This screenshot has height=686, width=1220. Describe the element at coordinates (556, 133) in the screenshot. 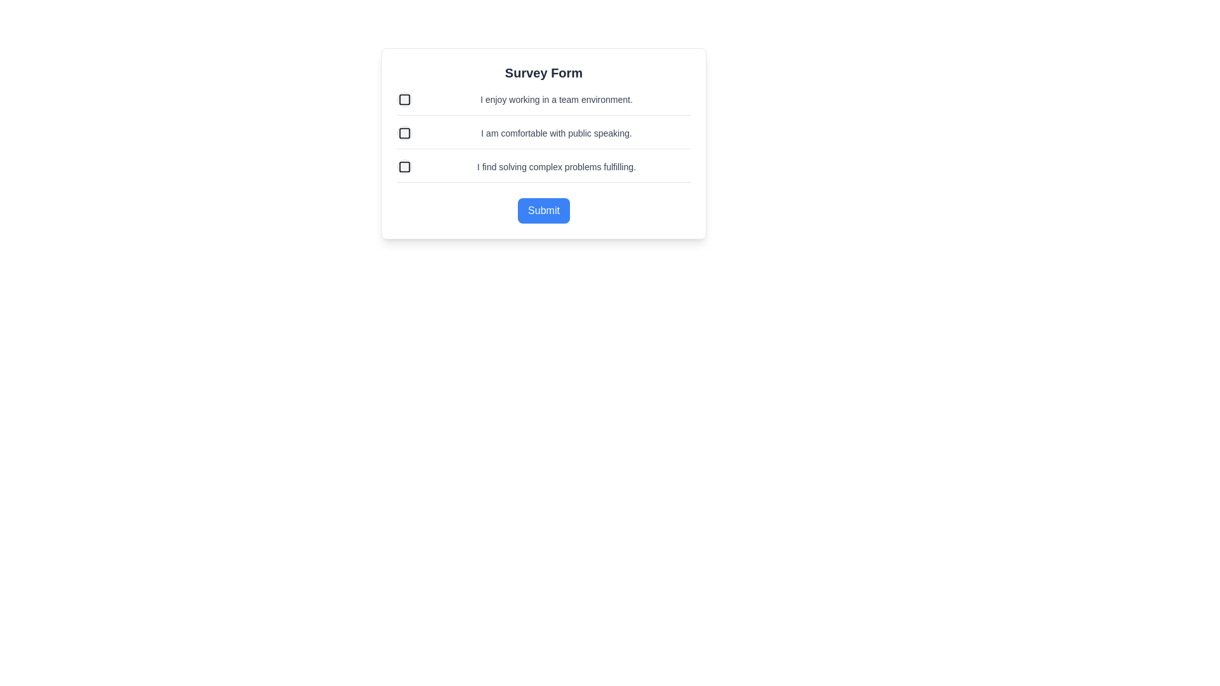

I see `text label displaying 'I am comfortable with public speaking.' which is in small gray text, located to the right of a checkbox in the survey form interface` at that location.